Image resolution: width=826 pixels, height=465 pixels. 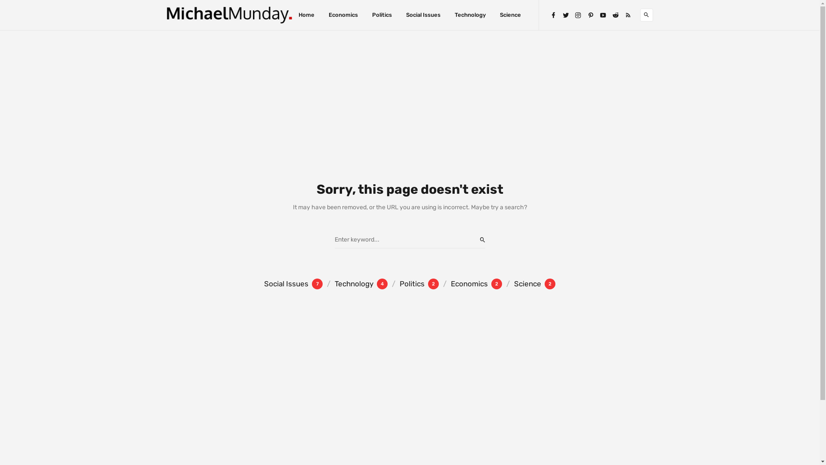 What do you see at coordinates (510, 15) in the screenshot?
I see `'Science'` at bounding box center [510, 15].